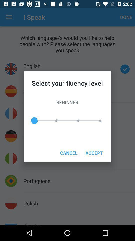 This screenshot has width=135, height=241. What do you see at coordinates (94, 153) in the screenshot?
I see `the icon to the right of the cancel icon` at bounding box center [94, 153].